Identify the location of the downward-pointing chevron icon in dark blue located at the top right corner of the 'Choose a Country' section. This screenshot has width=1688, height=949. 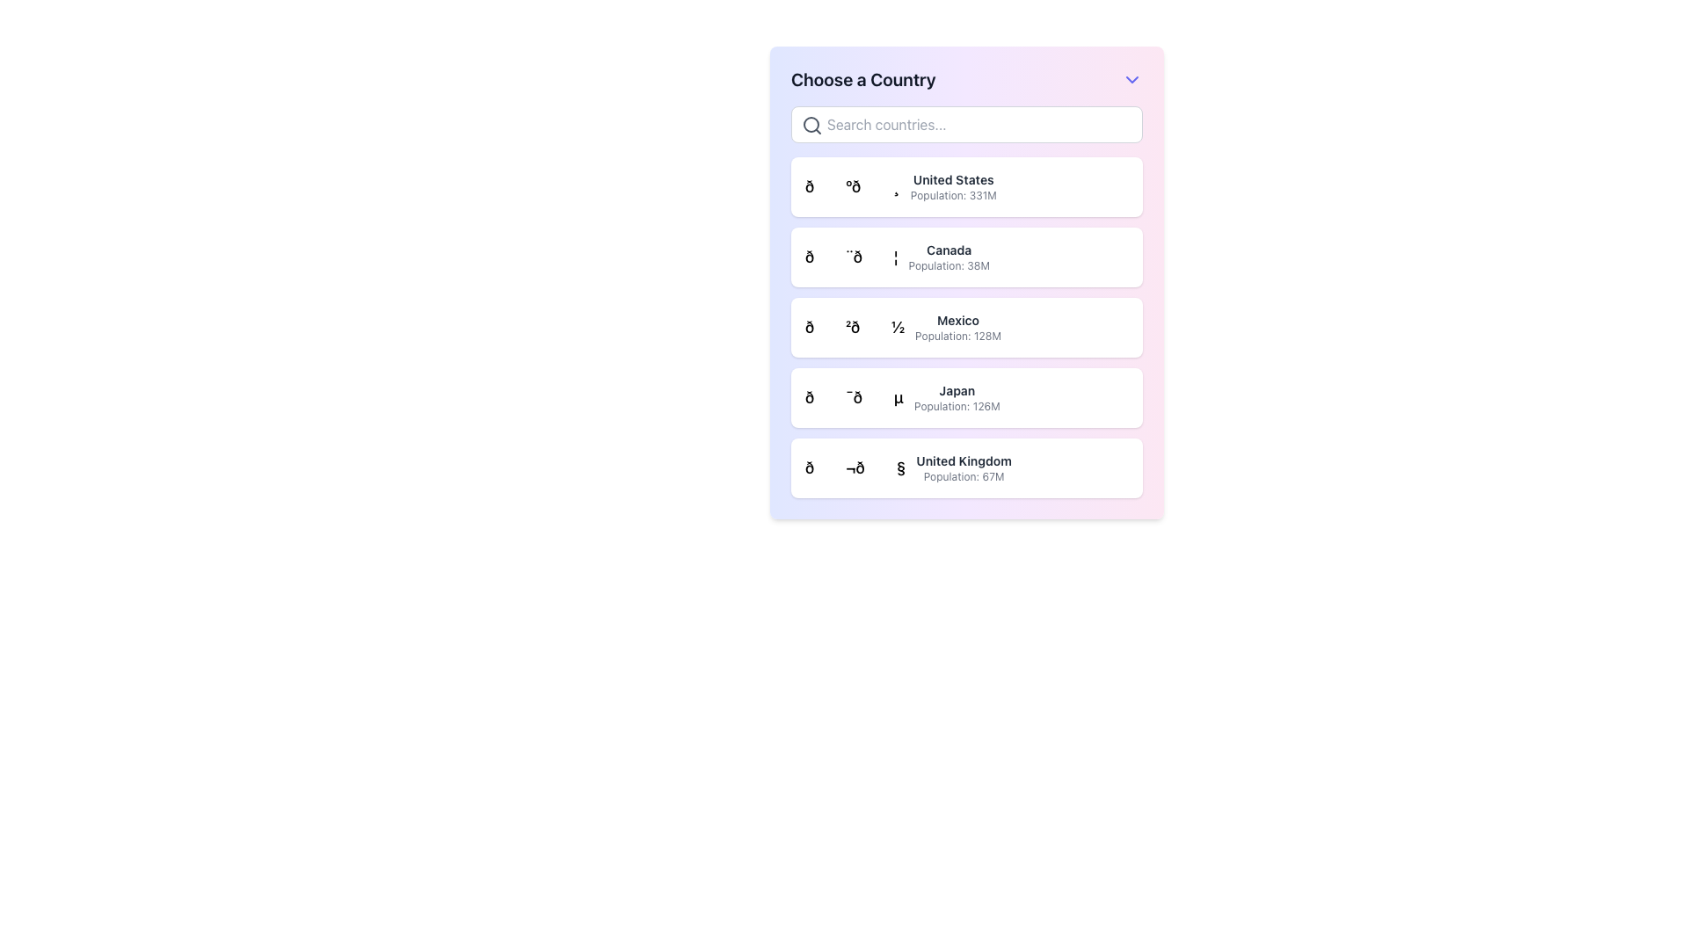
(1131, 80).